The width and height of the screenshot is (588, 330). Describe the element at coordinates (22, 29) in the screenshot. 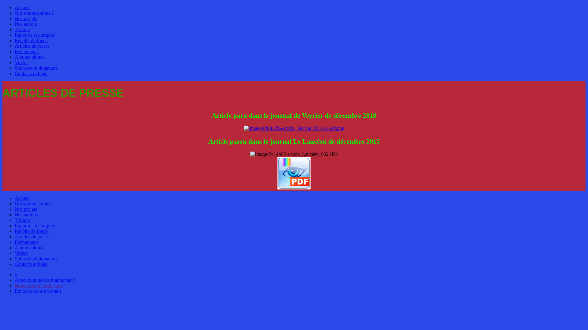

I see `'Traiteur'` at that location.